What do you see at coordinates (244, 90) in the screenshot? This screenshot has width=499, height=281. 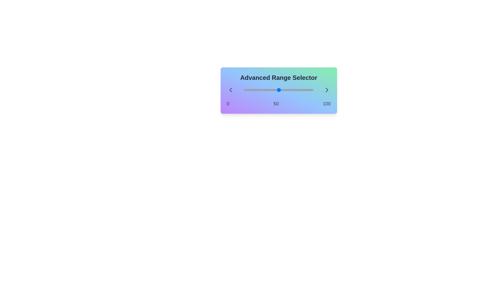 I see `the slider to set the range value to 97` at bounding box center [244, 90].